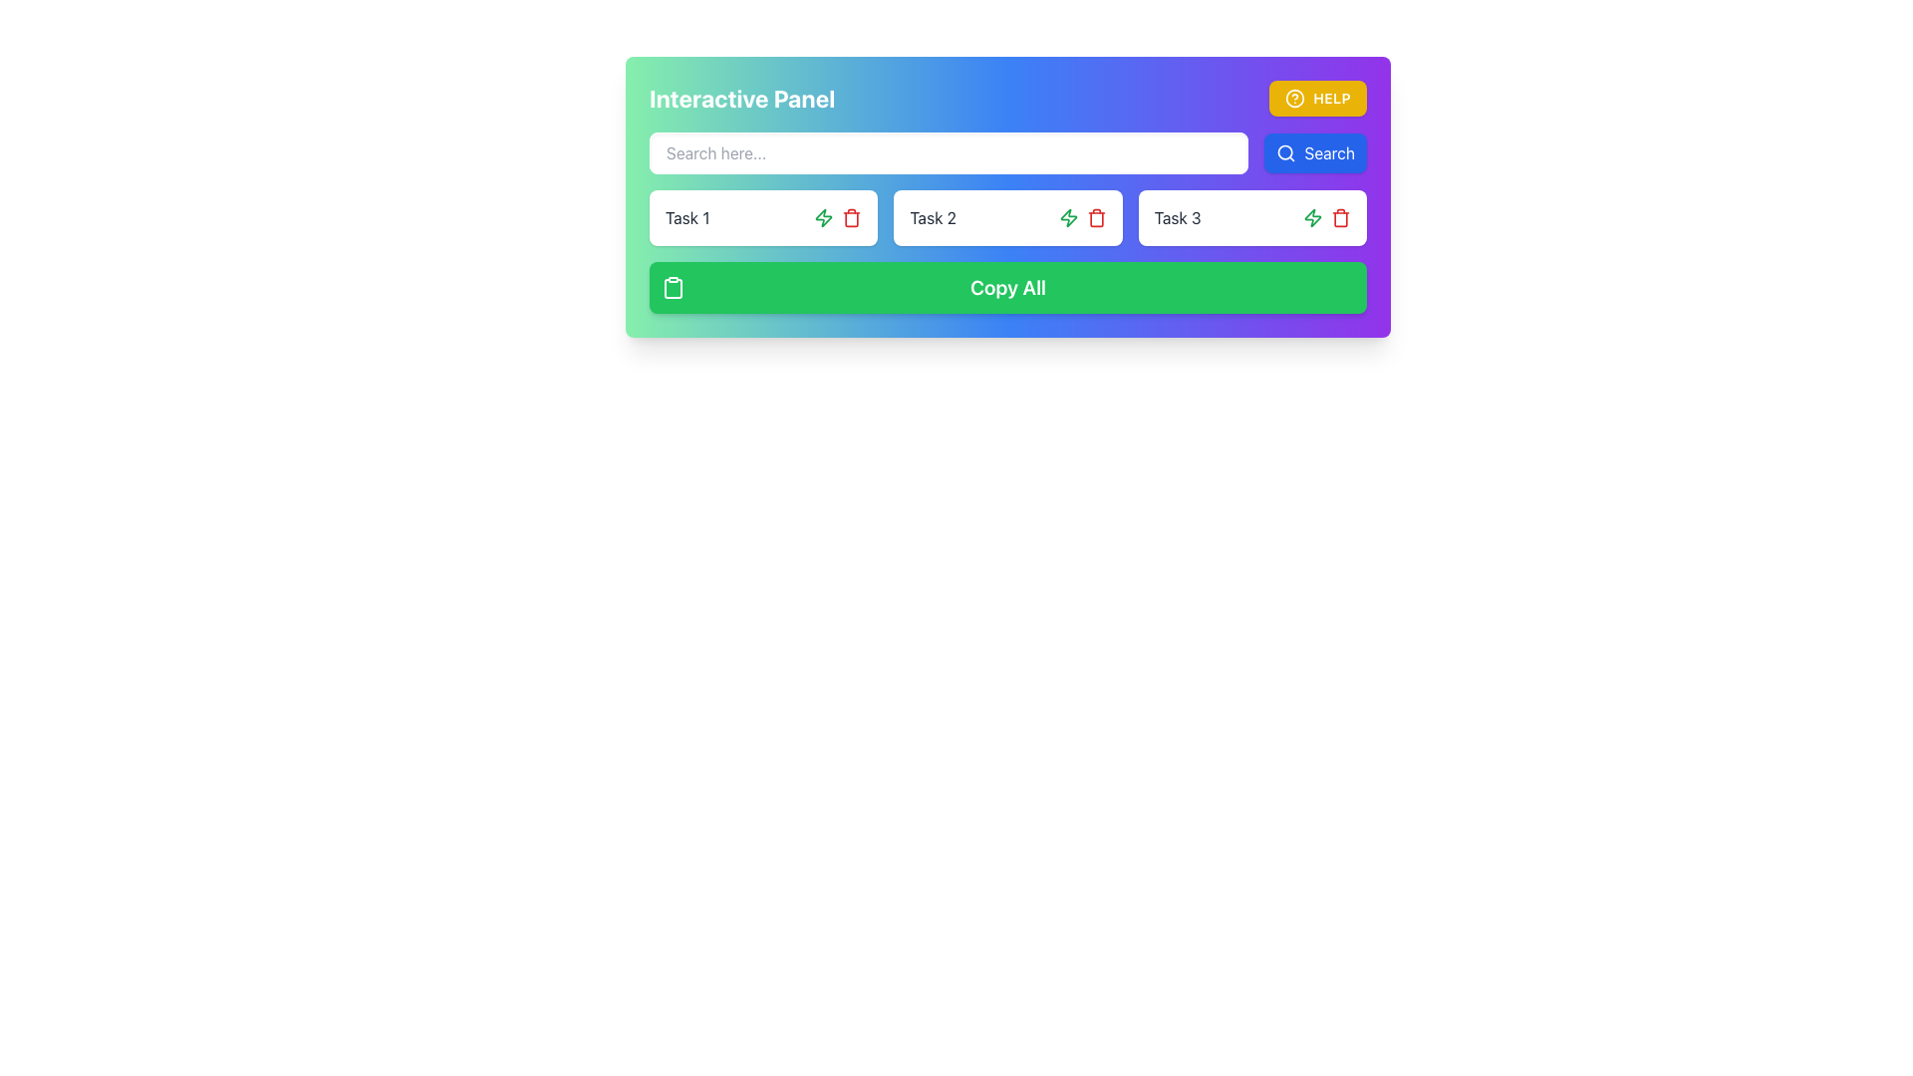  Describe the element at coordinates (1340, 218) in the screenshot. I see `the Trash Bin icon button` at that location.